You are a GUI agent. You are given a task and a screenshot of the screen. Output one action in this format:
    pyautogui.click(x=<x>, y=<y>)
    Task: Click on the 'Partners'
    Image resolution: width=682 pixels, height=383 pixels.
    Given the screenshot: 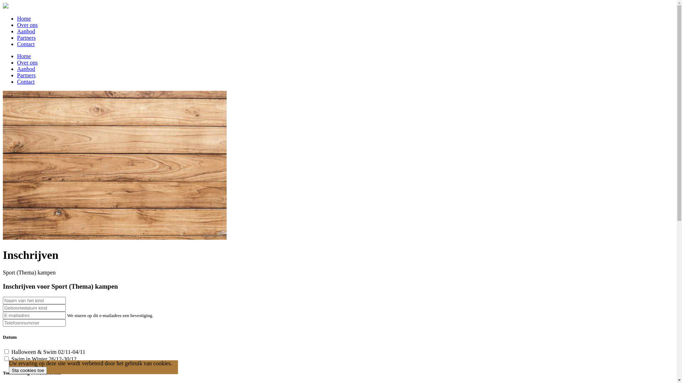 What is the action you would take?
    pyautogui.click(x=26, y=75)
    